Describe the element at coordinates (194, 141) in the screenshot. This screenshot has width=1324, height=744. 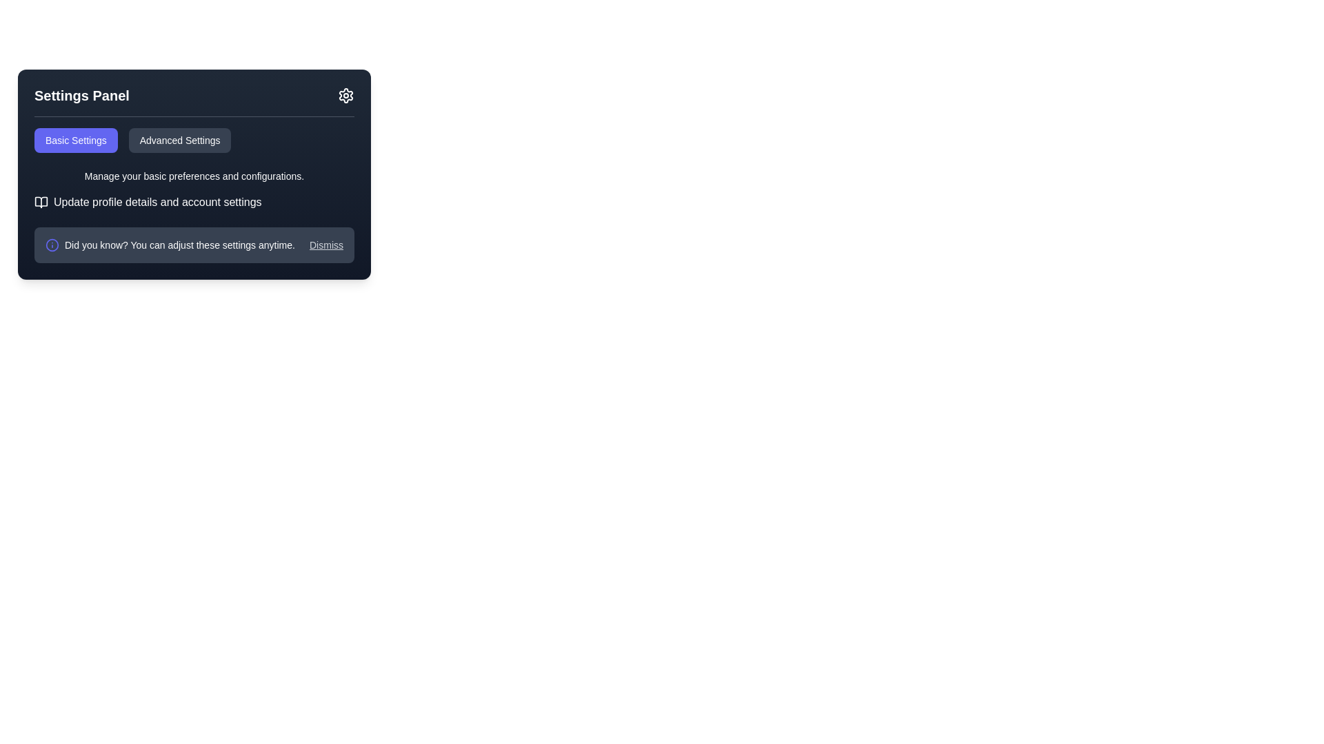
I see `the 'Advanced Settings' button in the Settings Panel` at that location.